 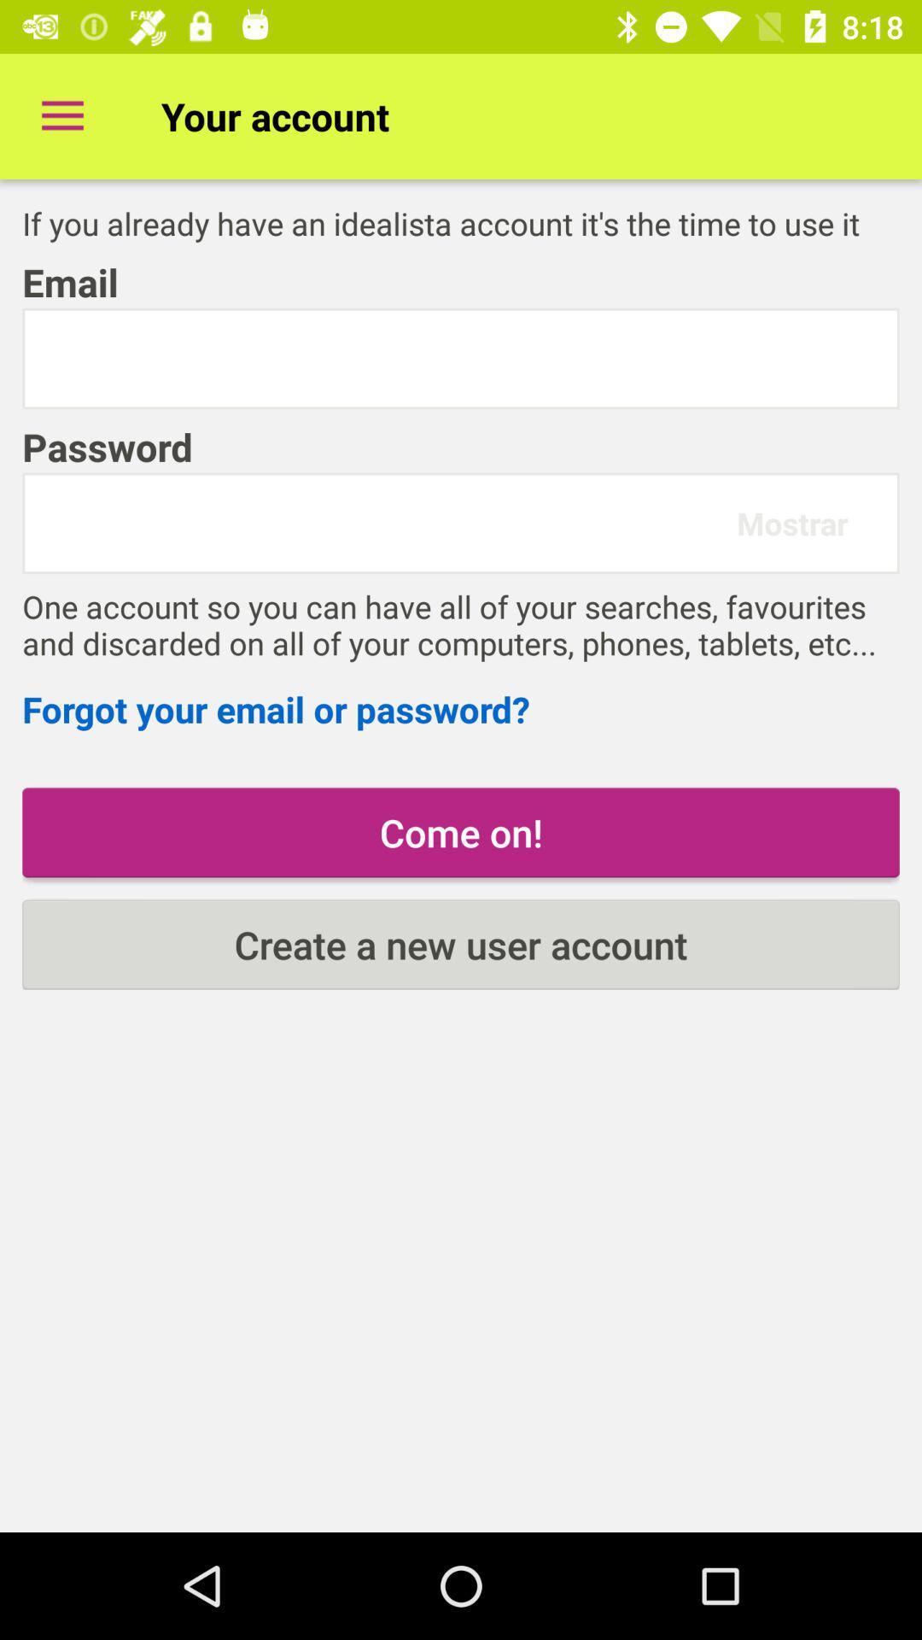 What do you see at coordinates (461, 832) in the screenshot?
I see `the item above create a new` at bounding box center [461, 832].